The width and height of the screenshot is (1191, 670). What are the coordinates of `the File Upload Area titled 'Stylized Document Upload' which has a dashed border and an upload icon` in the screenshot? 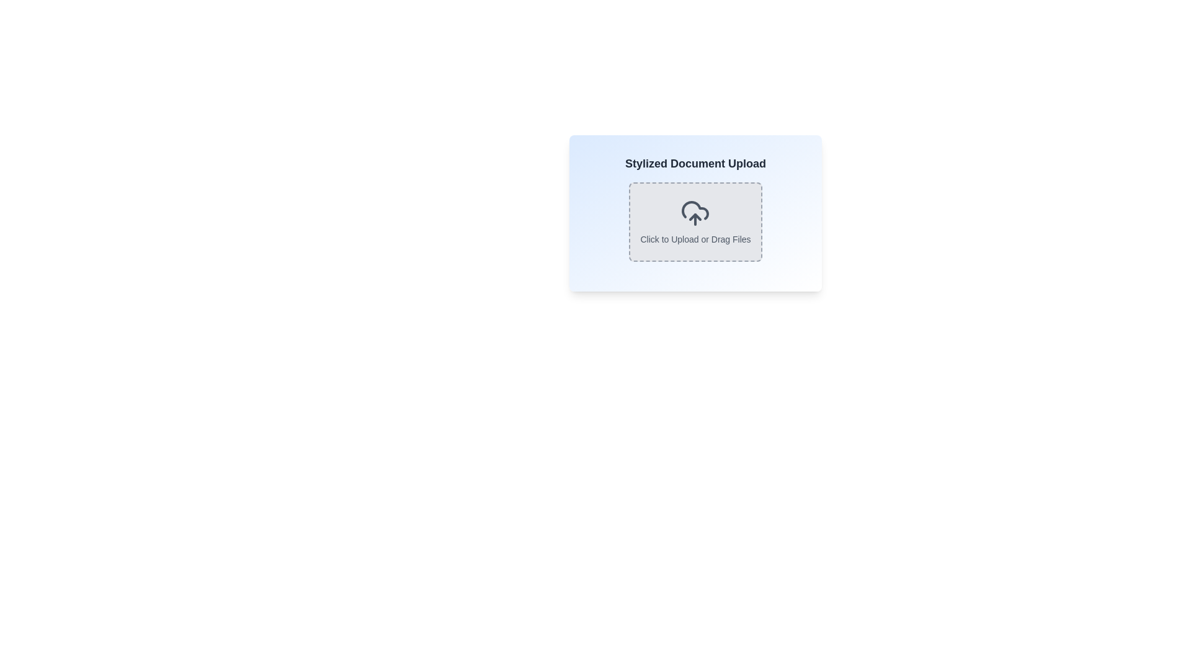 It's located at (695, 212).